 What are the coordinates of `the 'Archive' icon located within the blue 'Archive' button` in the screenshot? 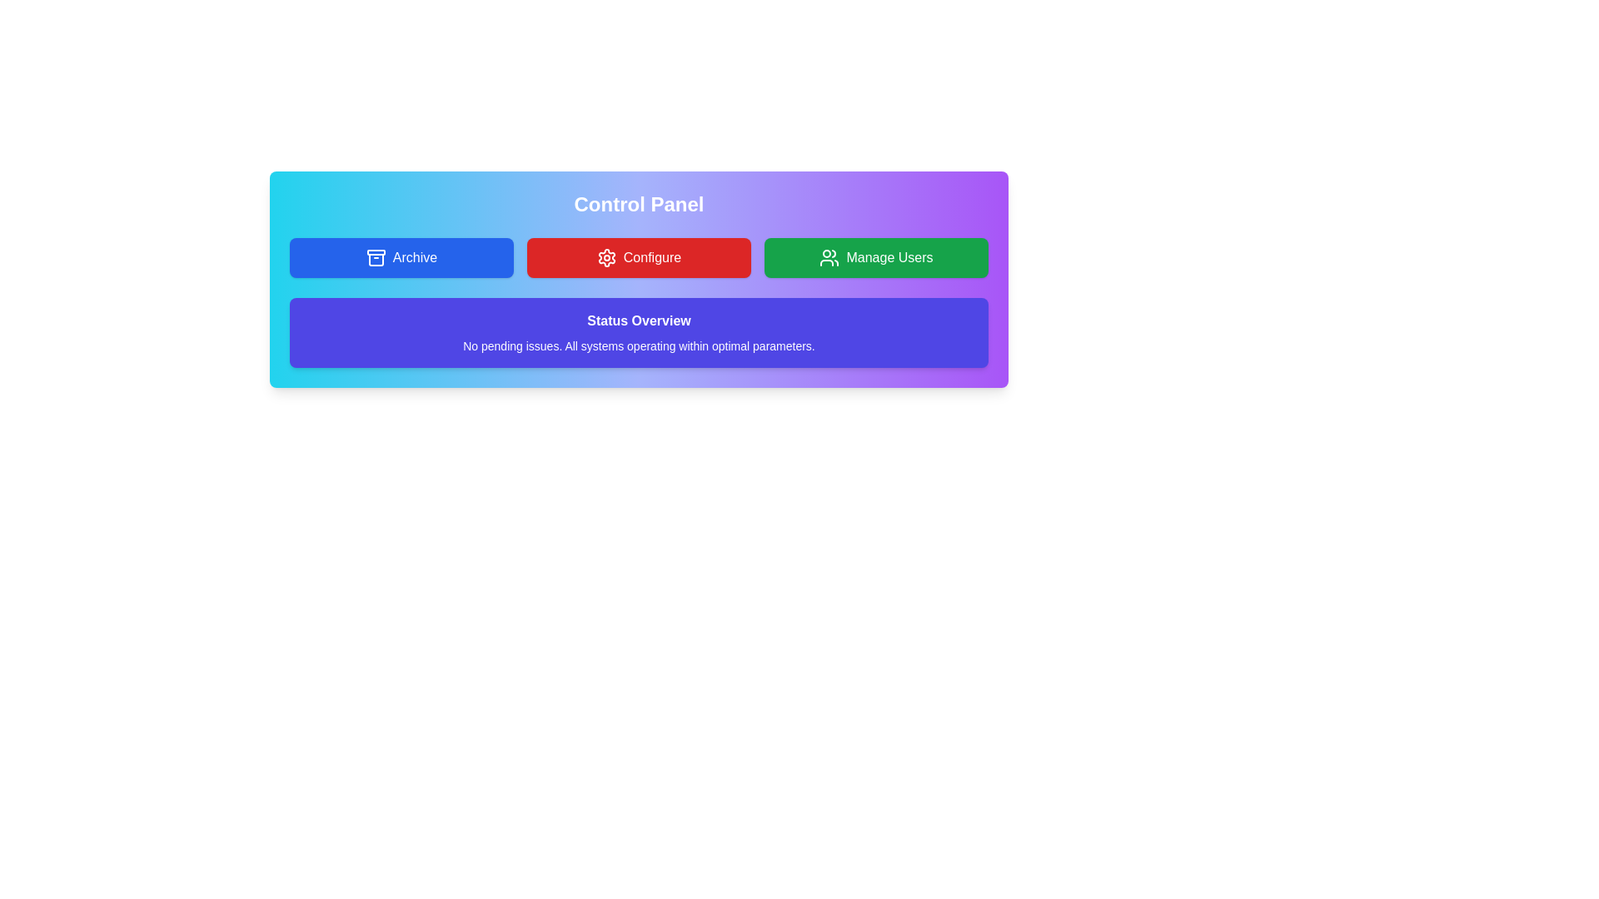 It's located at (375, 257).